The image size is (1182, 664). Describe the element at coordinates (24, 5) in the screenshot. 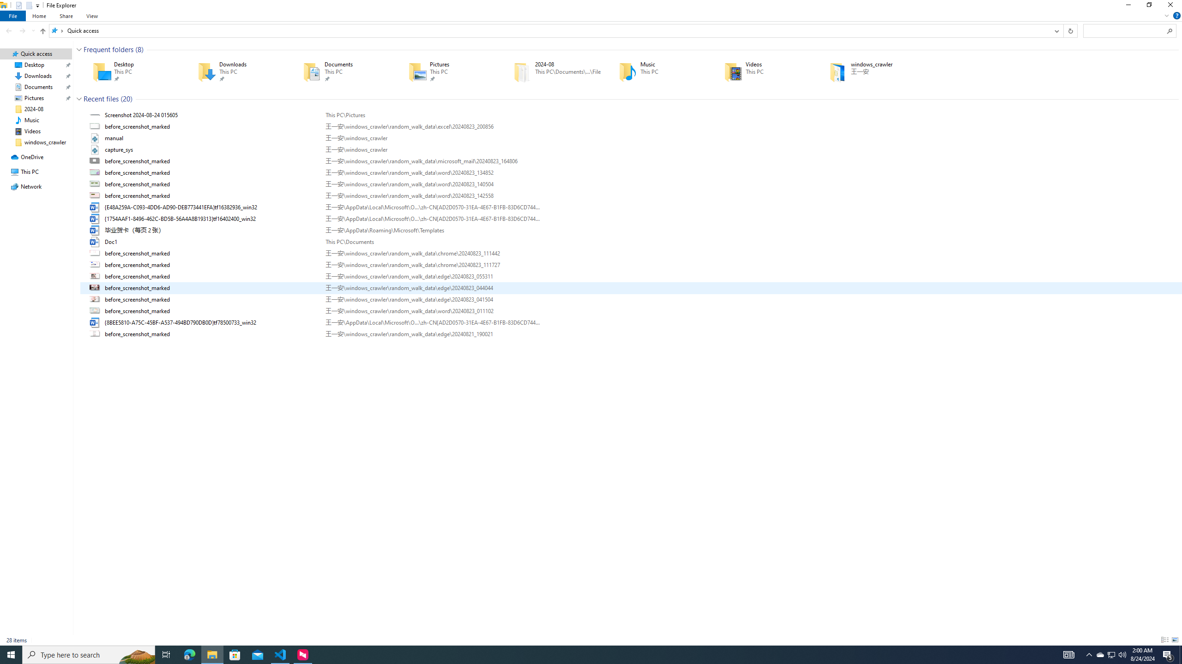

I see `'Quick Access Toolbar'` at that location.